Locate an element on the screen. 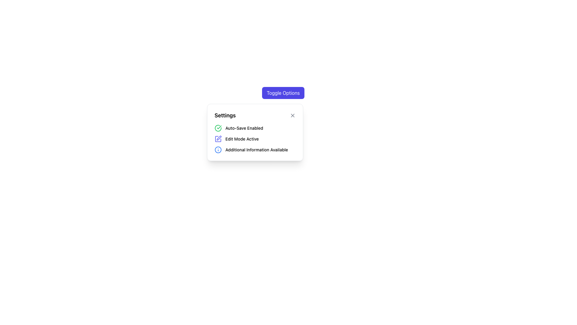 This screenshot has height=325, width=577. the circular icon with a blue stroke located in the 'Settings' menu is located at coordinates (218, 149).